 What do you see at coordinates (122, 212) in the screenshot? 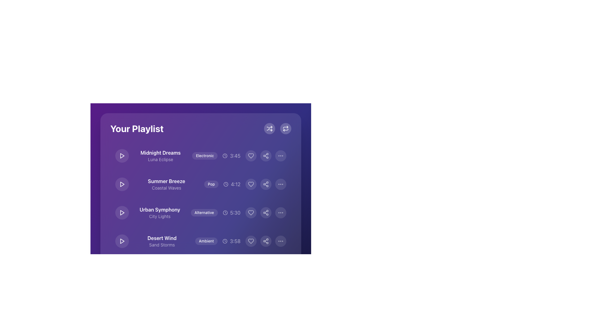
I see `the third triangular play button for the audio track 'Urban Symphony'` at bounding box center [122, 212].